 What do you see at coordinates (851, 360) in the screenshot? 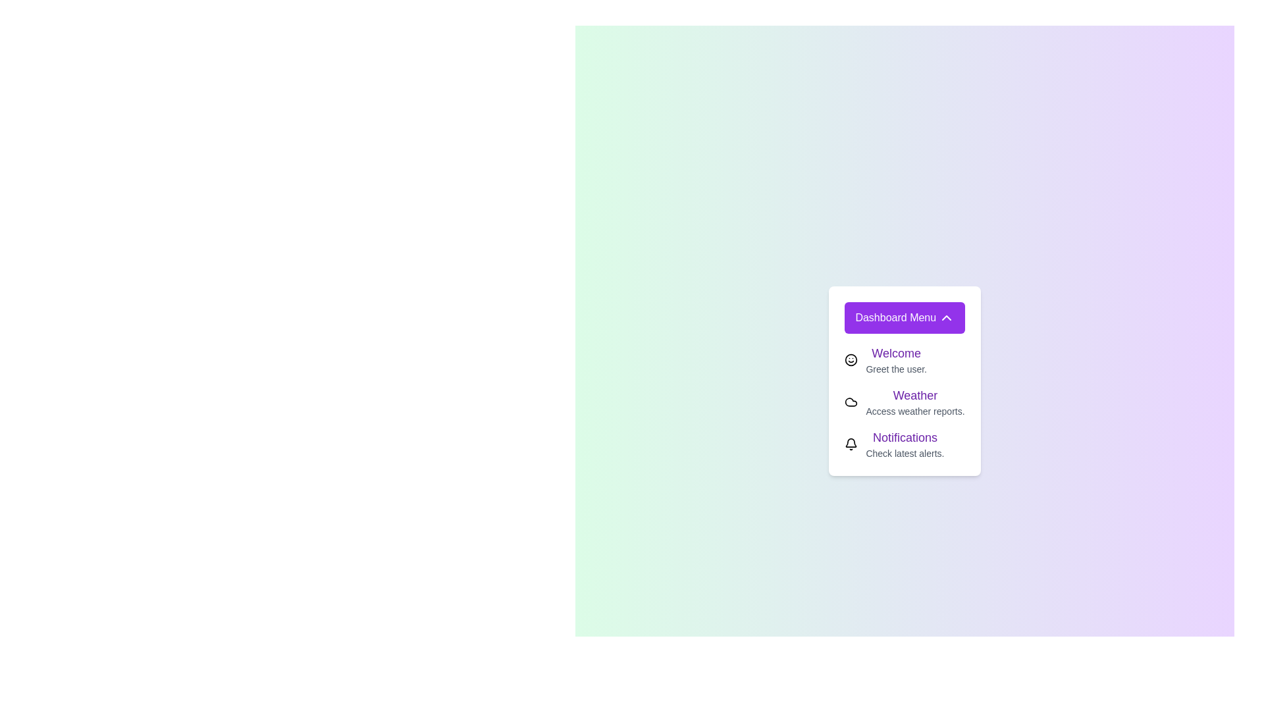
I see `the element Welcome to display its tooltip` at bounding box center [851, 360].